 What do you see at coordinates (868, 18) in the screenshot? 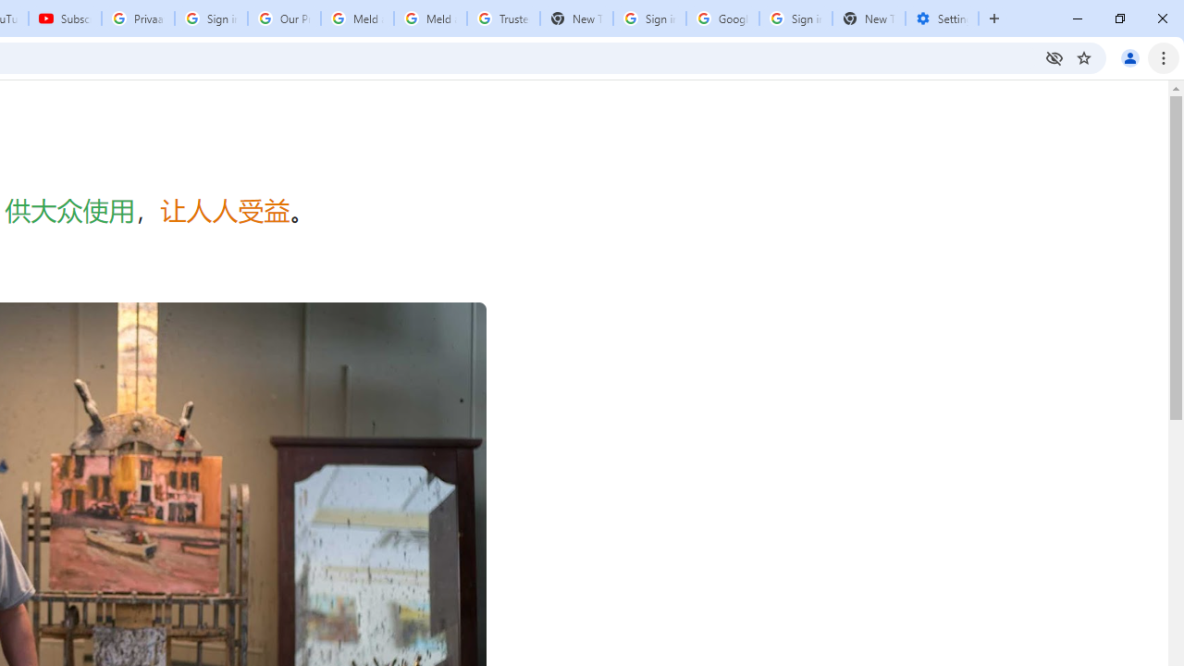
I see `'New Tab'` at bounding box center [868, 18].